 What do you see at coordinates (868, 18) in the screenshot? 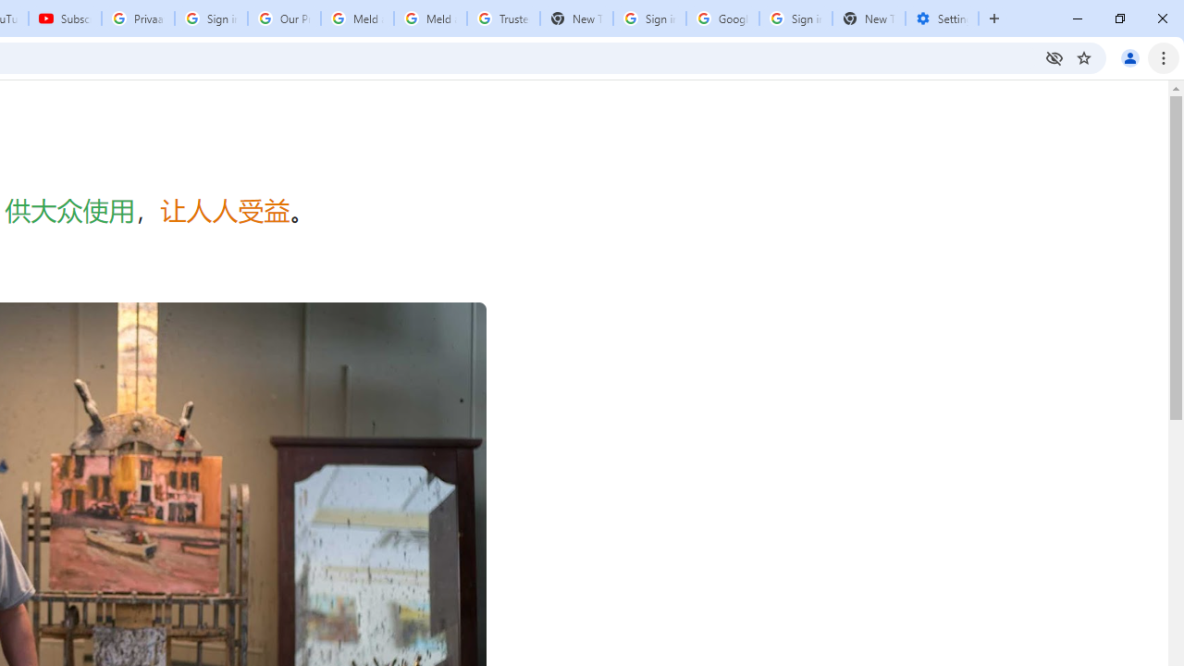
I see `'New Tab'` at bounding box center [868, 18].